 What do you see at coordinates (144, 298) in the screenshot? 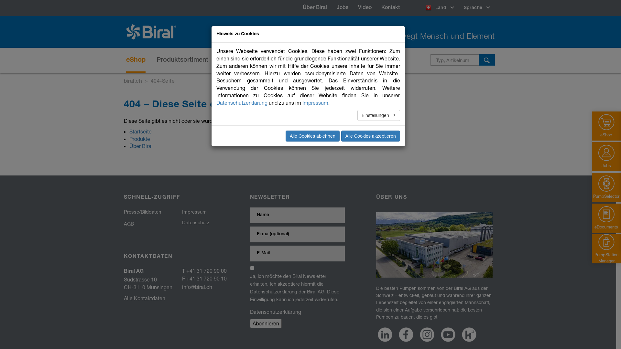
I see `'Alle Kontaktdaten'` at bounding box center [144, 298].